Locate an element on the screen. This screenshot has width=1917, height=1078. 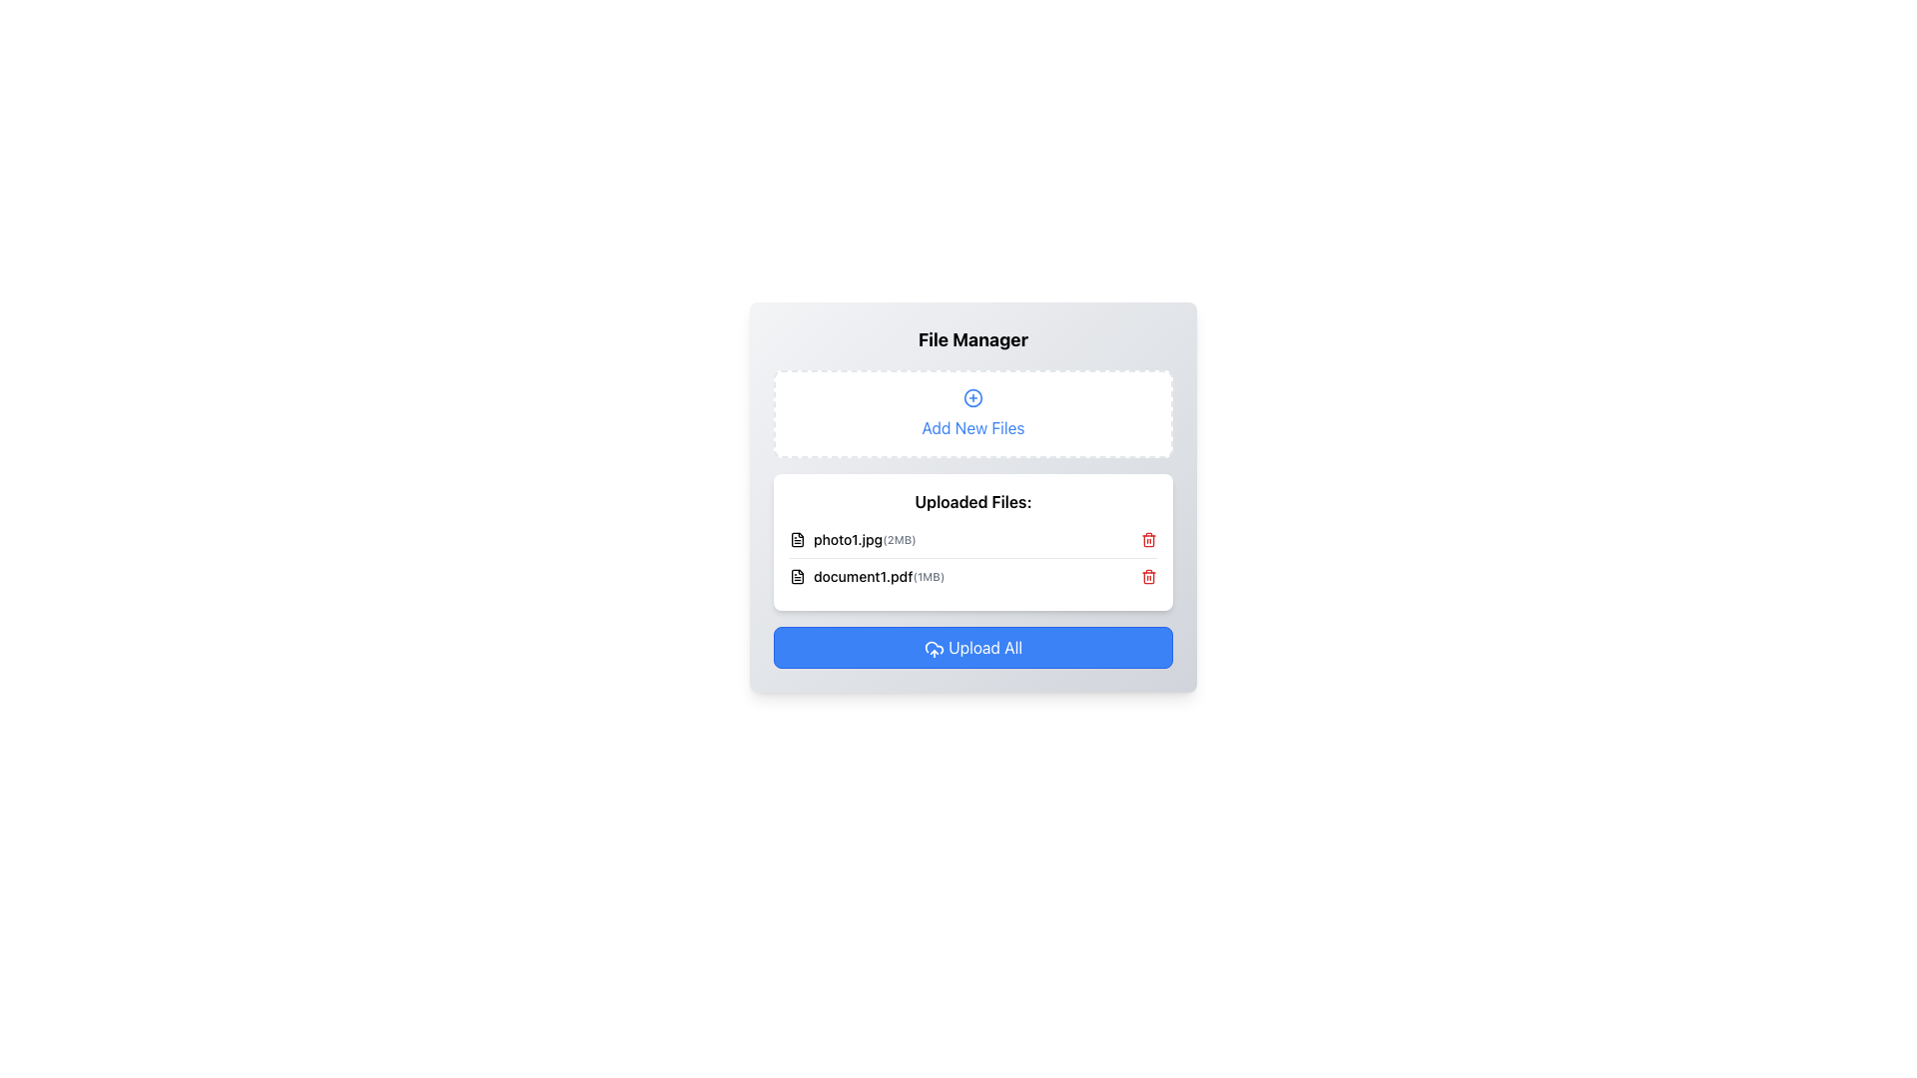
the delete button located in the second row of the 'Uploaded Files' list, adjacent to the file named 'document1.pdf' is located at coordinates (1149, 577).